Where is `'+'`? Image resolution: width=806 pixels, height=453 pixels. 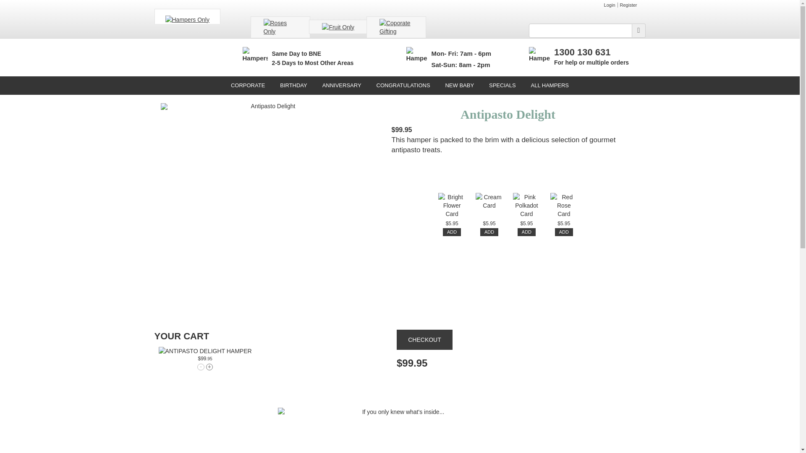 '+' is located at coordinates (209, 367).